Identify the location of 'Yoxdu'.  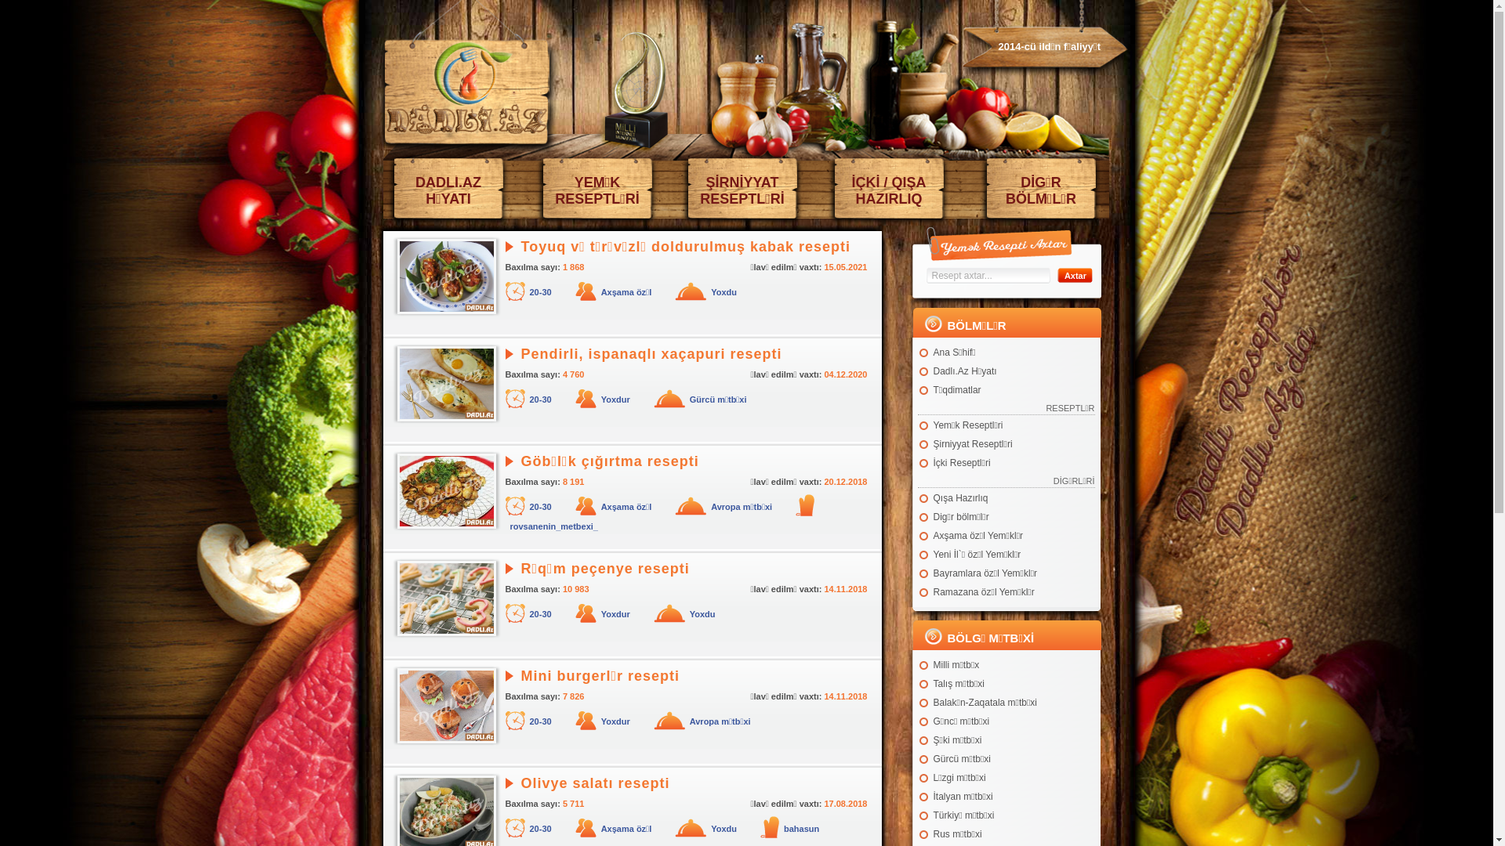
(710, 292).